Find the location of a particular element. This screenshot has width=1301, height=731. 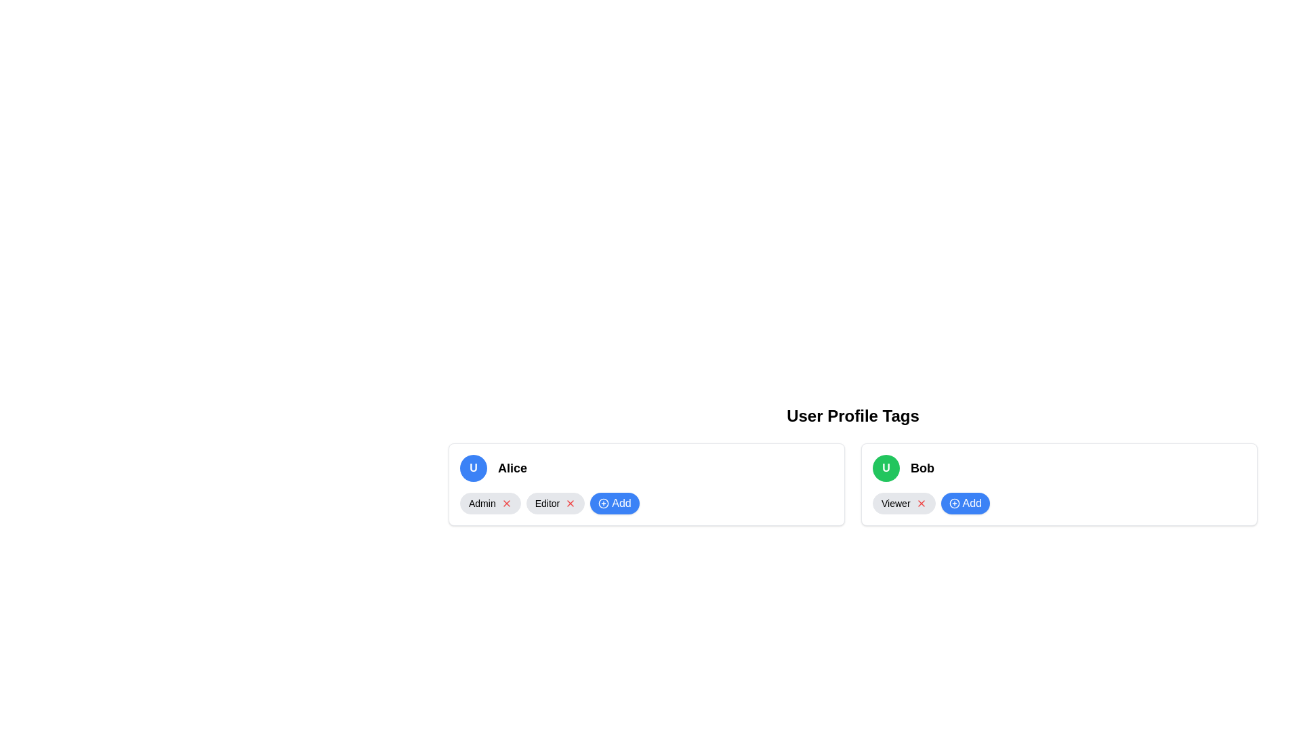

the red X button located in the tags section under the user profile of 'Alice' is located at coordinates (505, 504).